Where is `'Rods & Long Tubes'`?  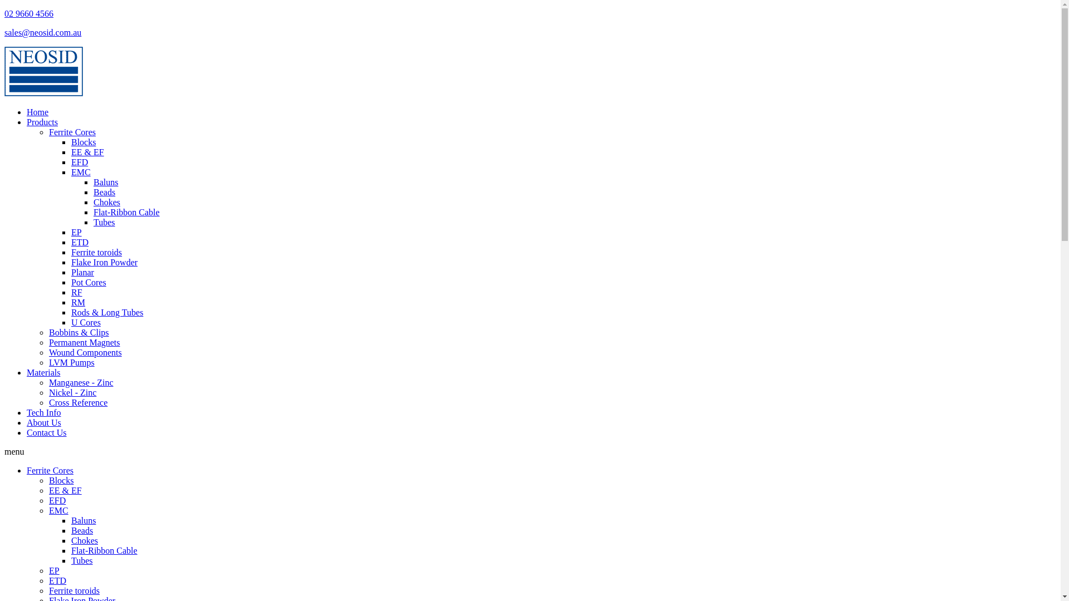
'Rods & Long Tubes' is located at coordinates (107, 312).